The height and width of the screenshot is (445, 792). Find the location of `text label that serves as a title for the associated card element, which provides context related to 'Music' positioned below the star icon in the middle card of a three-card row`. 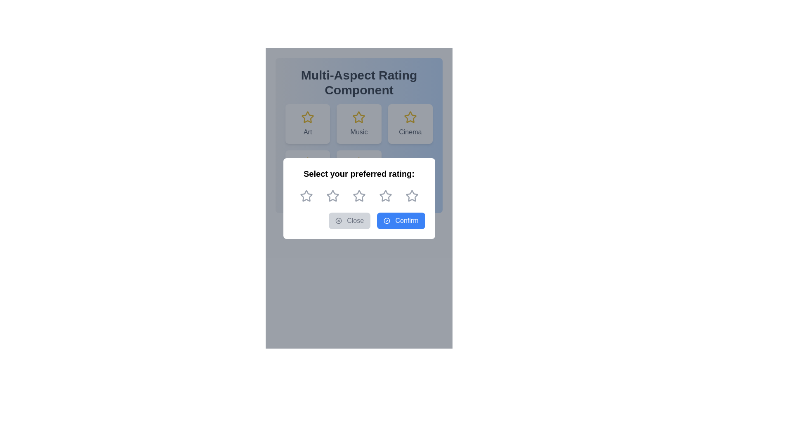

text label that serves as a title for the associated card element, which provides context related to 'Music' positioned below the star icon in the middle card of a three-card row is located at coordinates (359, 131).